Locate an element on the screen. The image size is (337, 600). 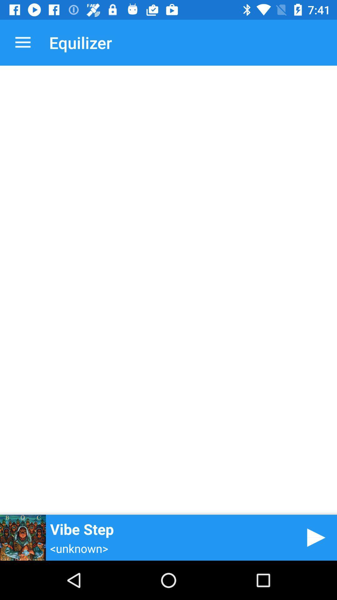
the item next to the vibe step is located at coordinates (314, 537).